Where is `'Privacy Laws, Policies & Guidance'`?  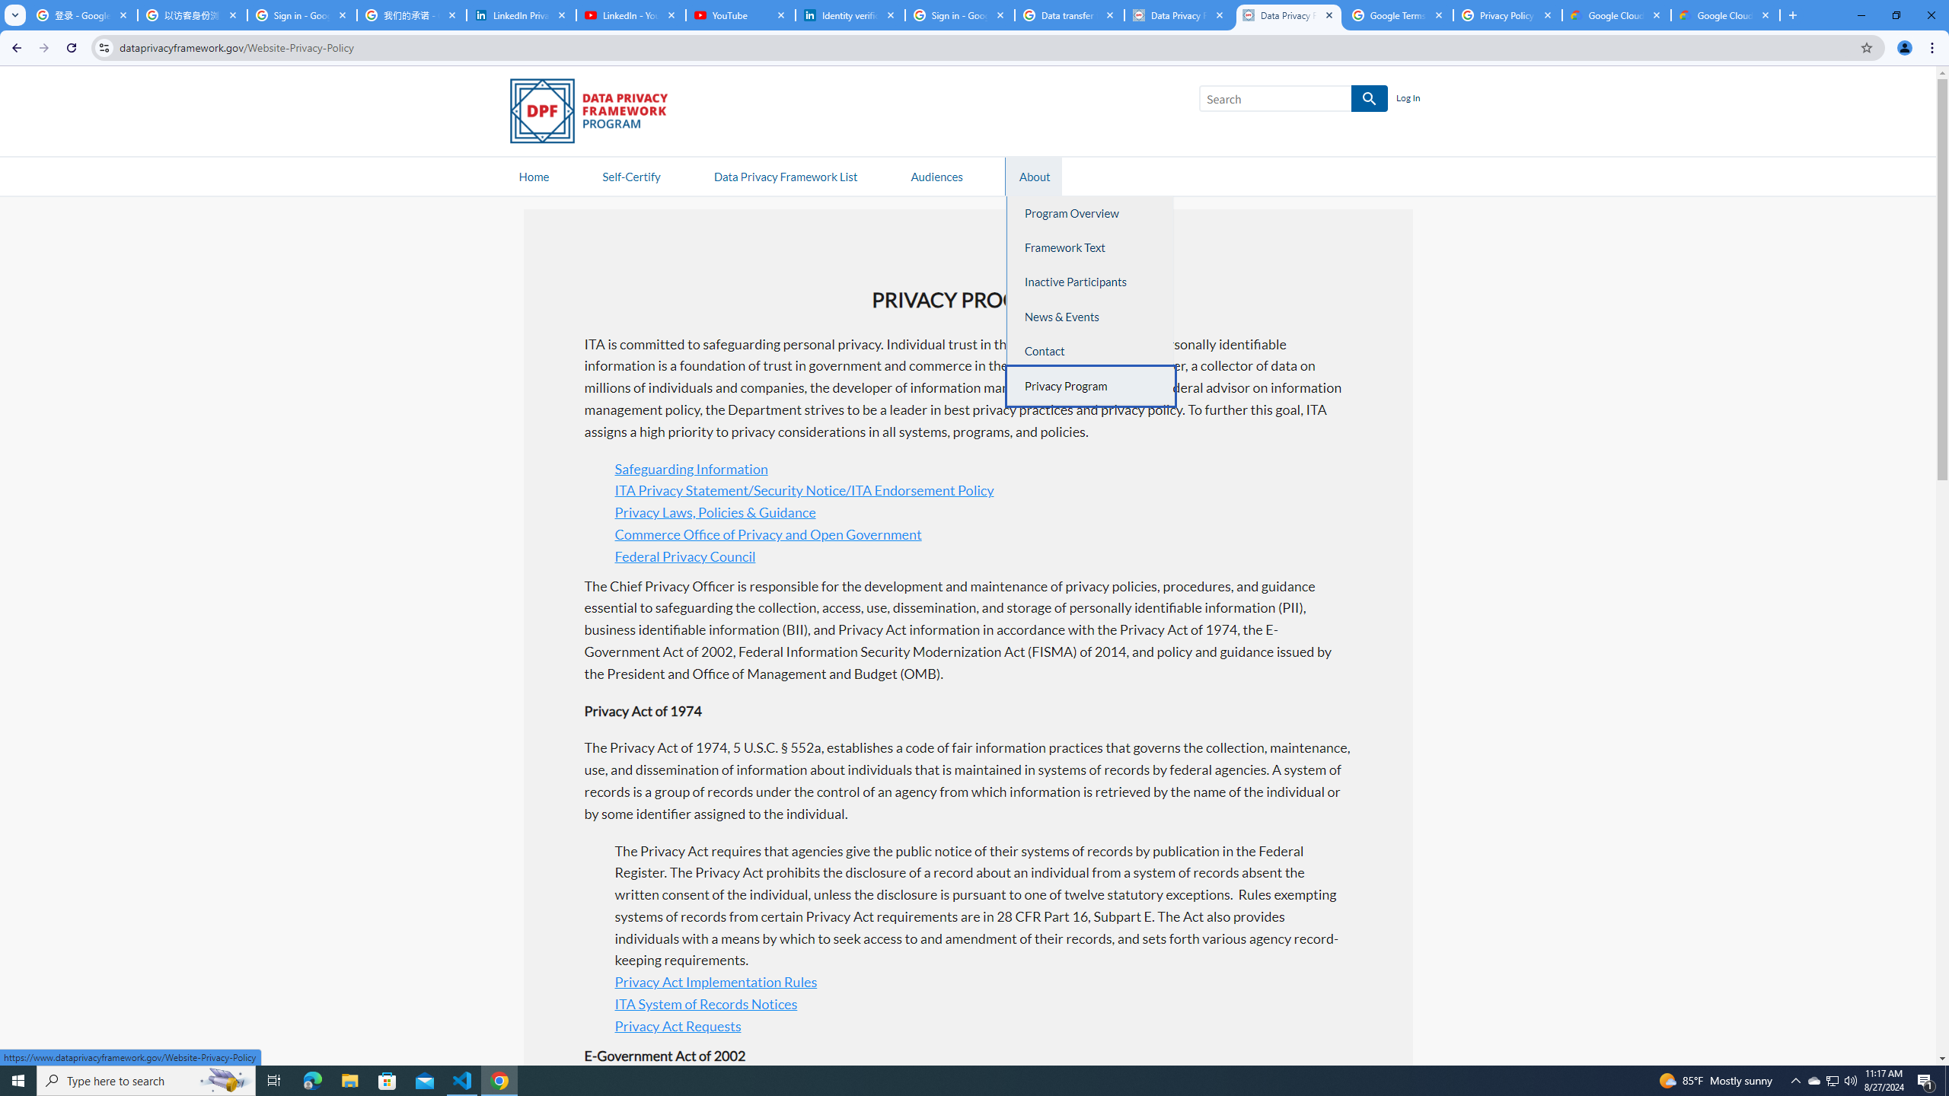 'Privacy Laws, Policies & Guidance' is located at coordinates (714, 512).